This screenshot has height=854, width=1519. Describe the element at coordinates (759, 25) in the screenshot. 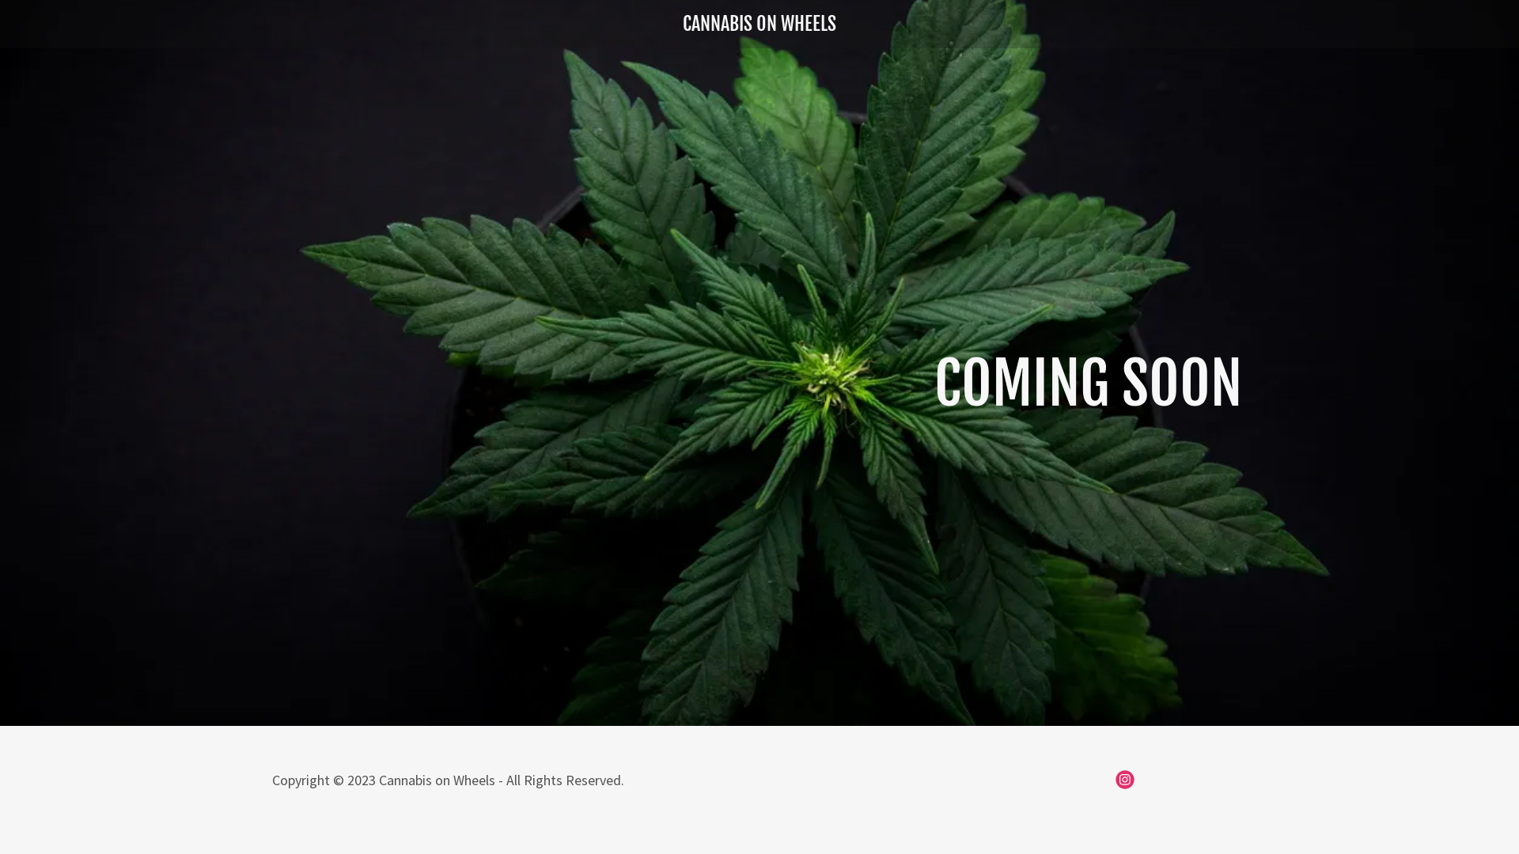

I see `'CANNABIS ON WHEELS'` at that location.